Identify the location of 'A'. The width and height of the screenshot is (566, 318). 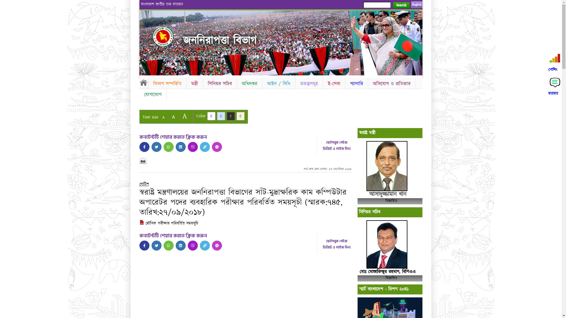
(159, 117).